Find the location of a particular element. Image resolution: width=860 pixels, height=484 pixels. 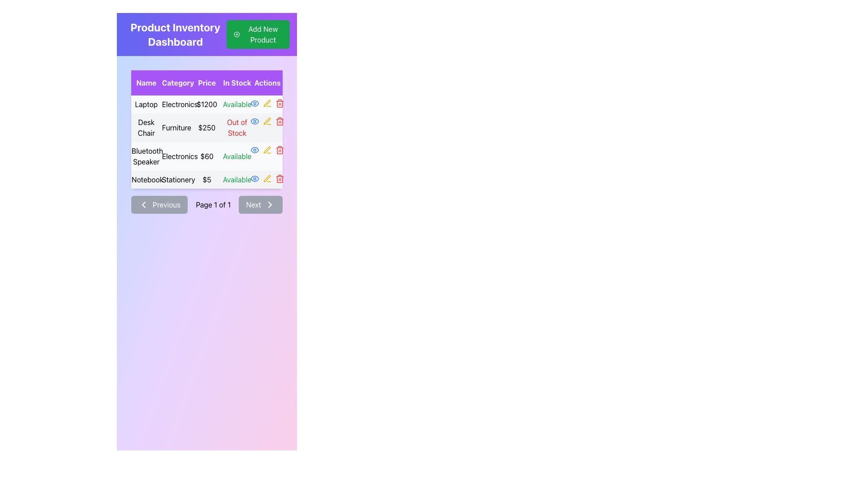

the edit icon button located in the 'Actions' column of the third row in the table to modify the associated product's details is located at coordinates (267, 103).